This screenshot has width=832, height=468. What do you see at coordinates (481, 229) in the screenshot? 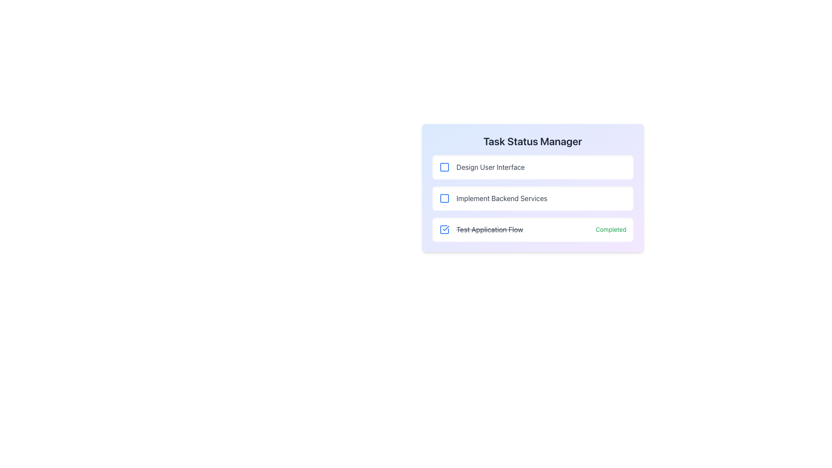
I see `text of the third task label, which displays 'Test Application Flow' with a strikethrough, indicating it is a completed or invalidated task` at bounding box center [481, 229].